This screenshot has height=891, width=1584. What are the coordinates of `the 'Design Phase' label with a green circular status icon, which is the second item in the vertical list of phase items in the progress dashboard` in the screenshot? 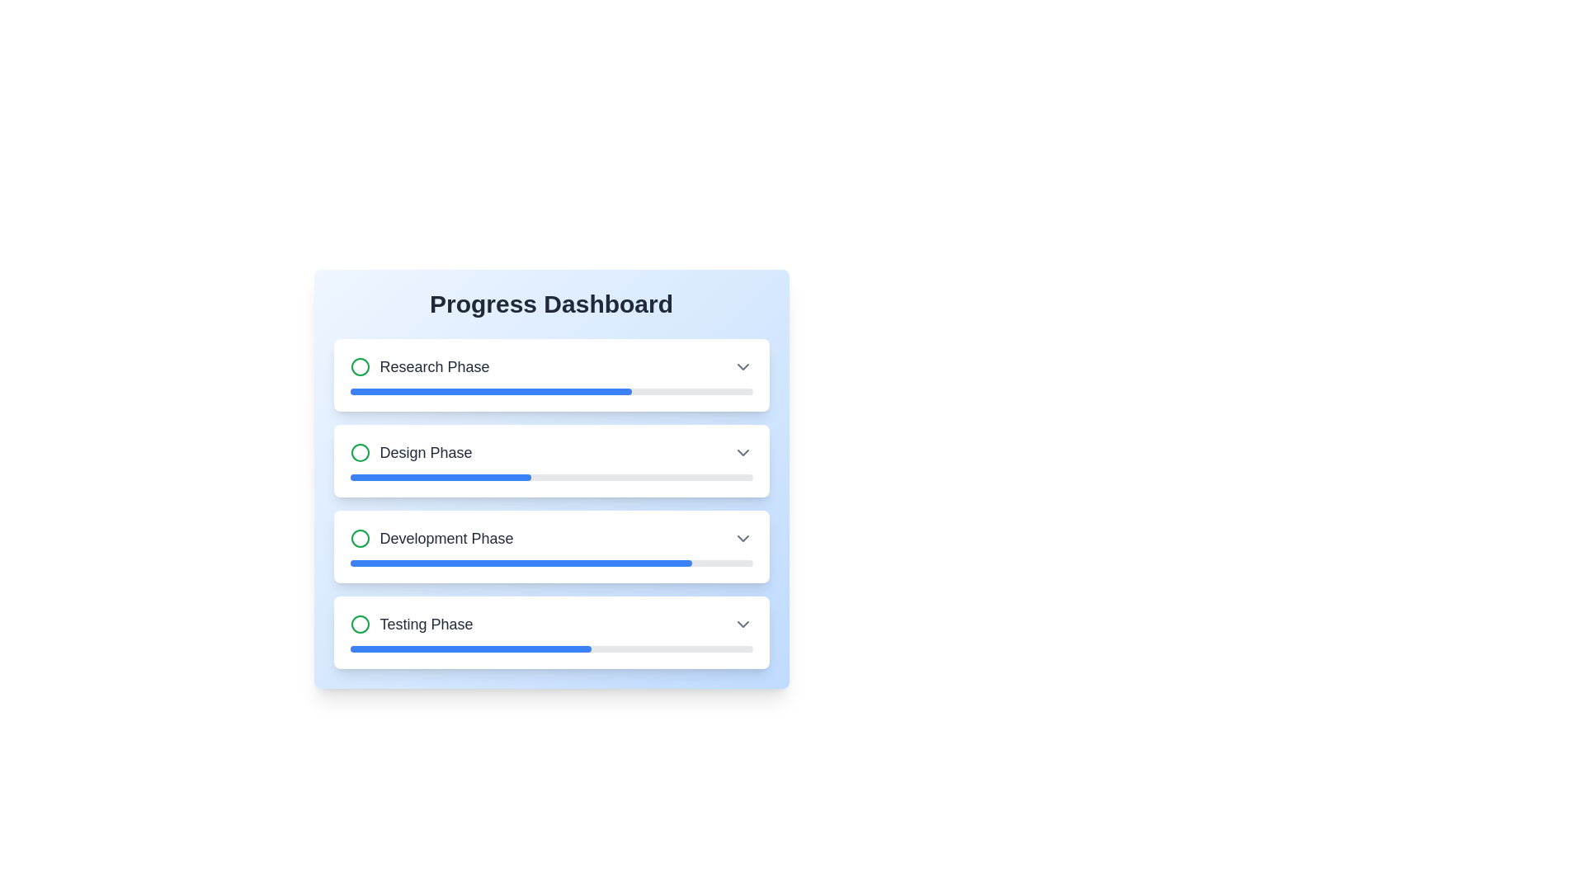 It's located at (411, 452).